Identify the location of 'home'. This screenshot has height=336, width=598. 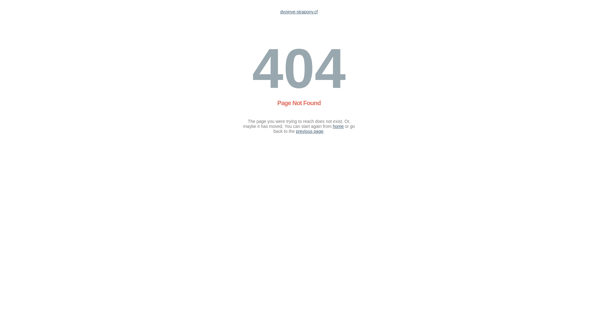
(333, 126).